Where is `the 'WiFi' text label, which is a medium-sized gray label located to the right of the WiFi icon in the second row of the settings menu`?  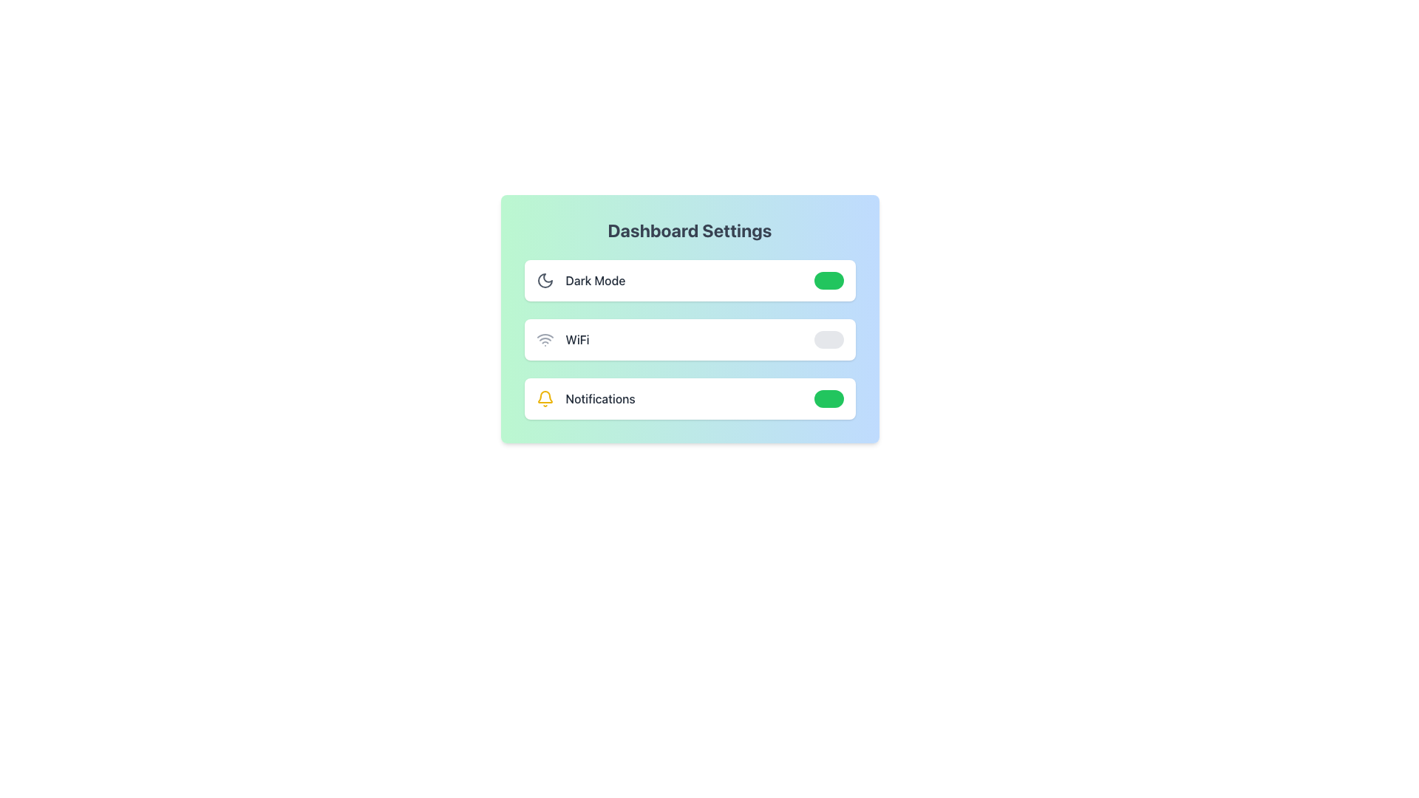 the 'WiFi' text label, which is a medium-sized gray label located to the right of the WiFi icon in the second row of the settings menu is located at coordinates (576, 339).